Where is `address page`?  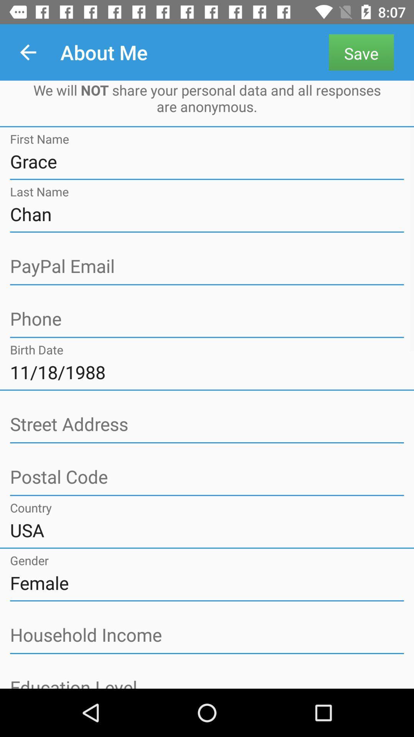
address page is located at coordinates (207, 319).